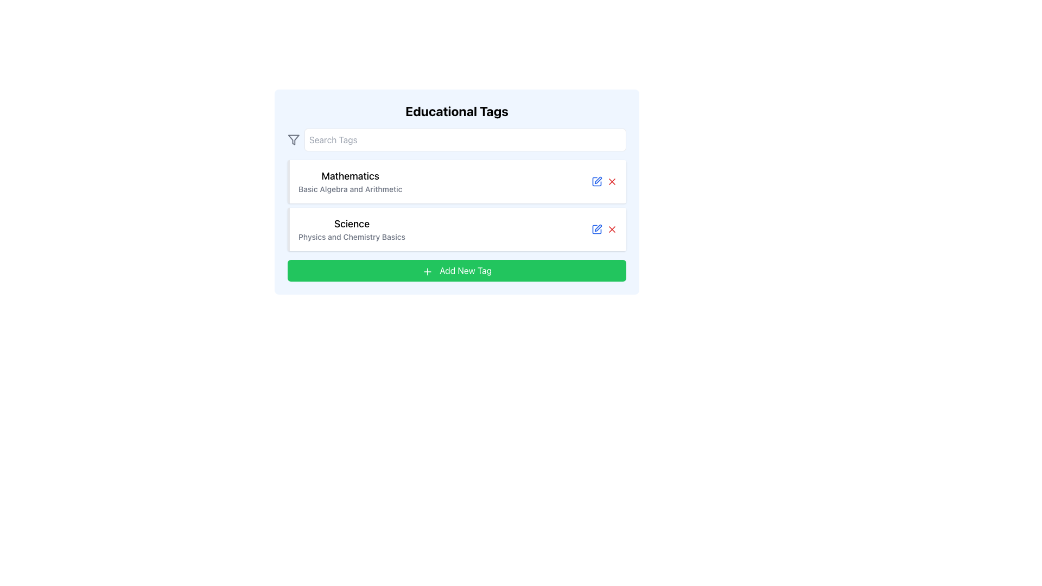 This screenshot has width=1042, height=586. I want to click on accessibility information of the Icon element that is a square outline with a pen intersecting it diagonally, located adjacent to the 'Science' tag in the tags section, so click(596, 181).